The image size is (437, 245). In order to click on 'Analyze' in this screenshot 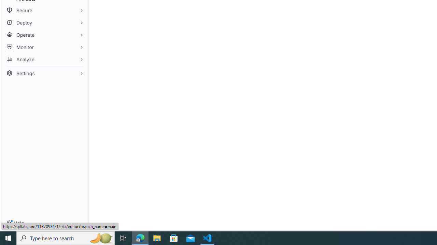, I will do `click(44, 59)`.